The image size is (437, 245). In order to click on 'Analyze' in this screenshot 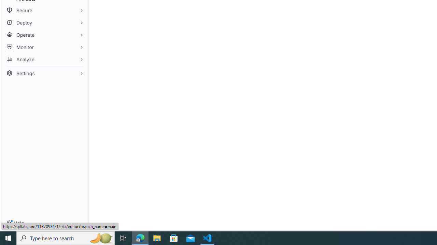, I will do `click(44, 59)`.